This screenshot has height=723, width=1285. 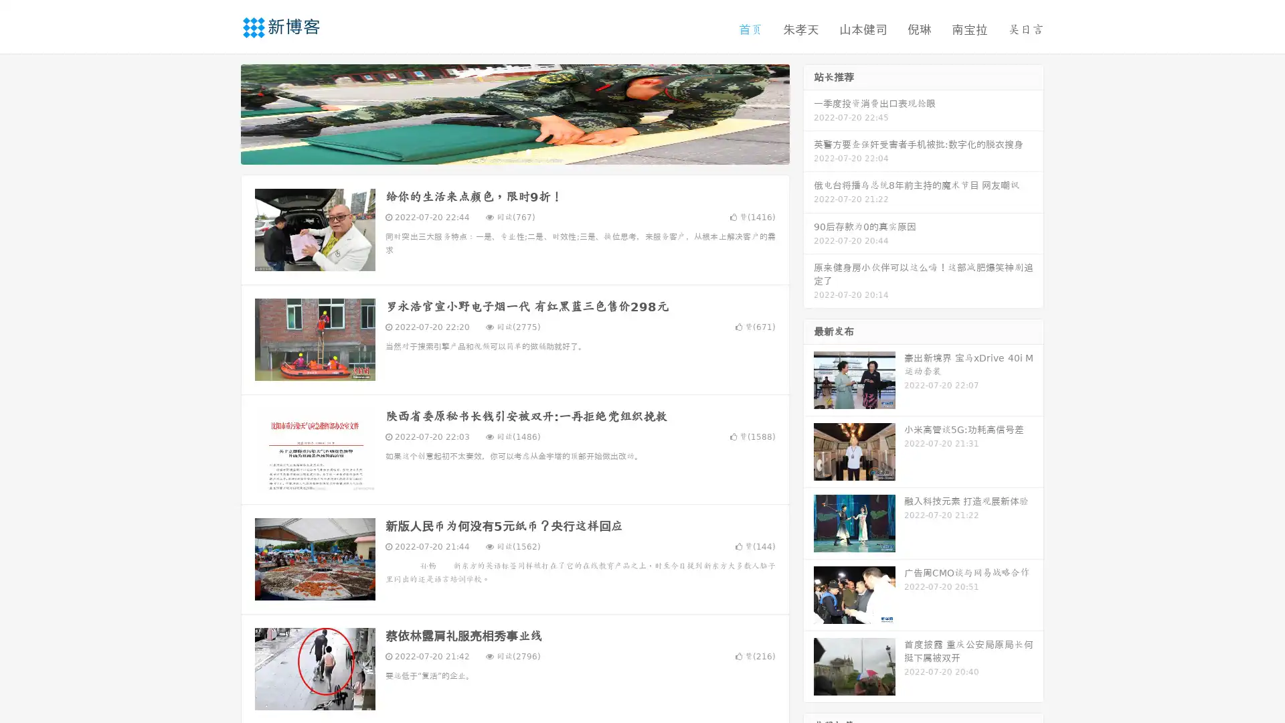 What do you see at coordinates (528, 151) in the screenshot?
I see `Go to slide 3` at bounding box center [528, 151].